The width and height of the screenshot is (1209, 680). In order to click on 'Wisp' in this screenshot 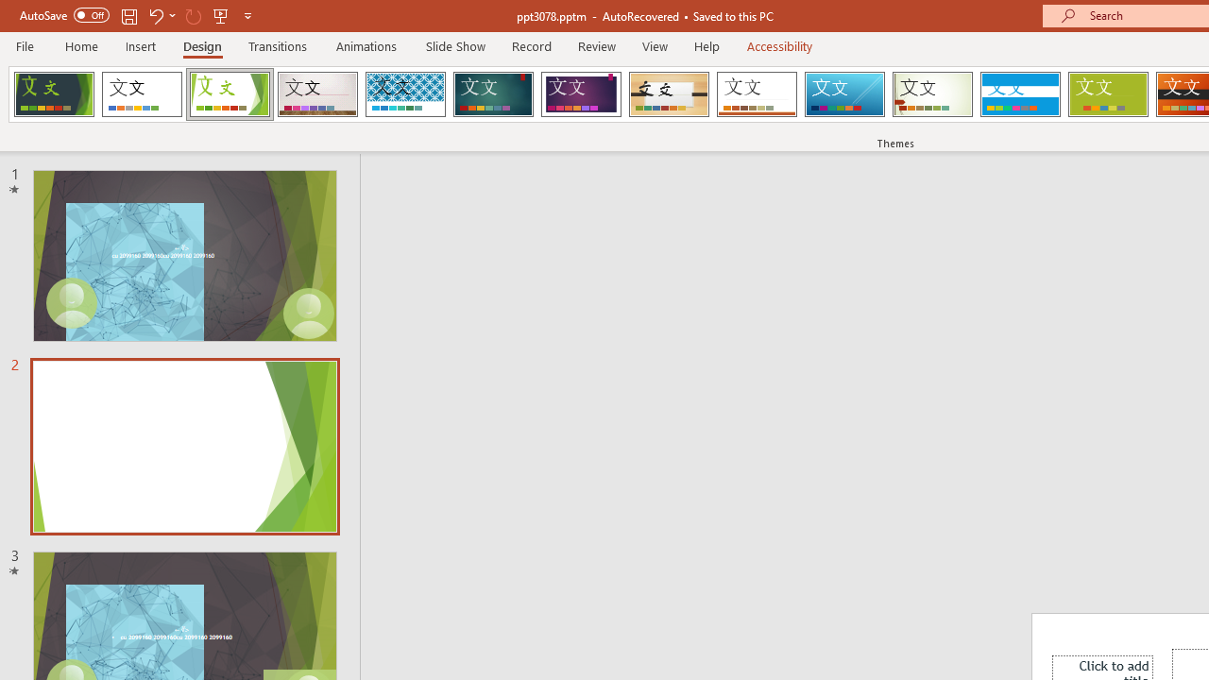, I will do `click(932, 94)`.